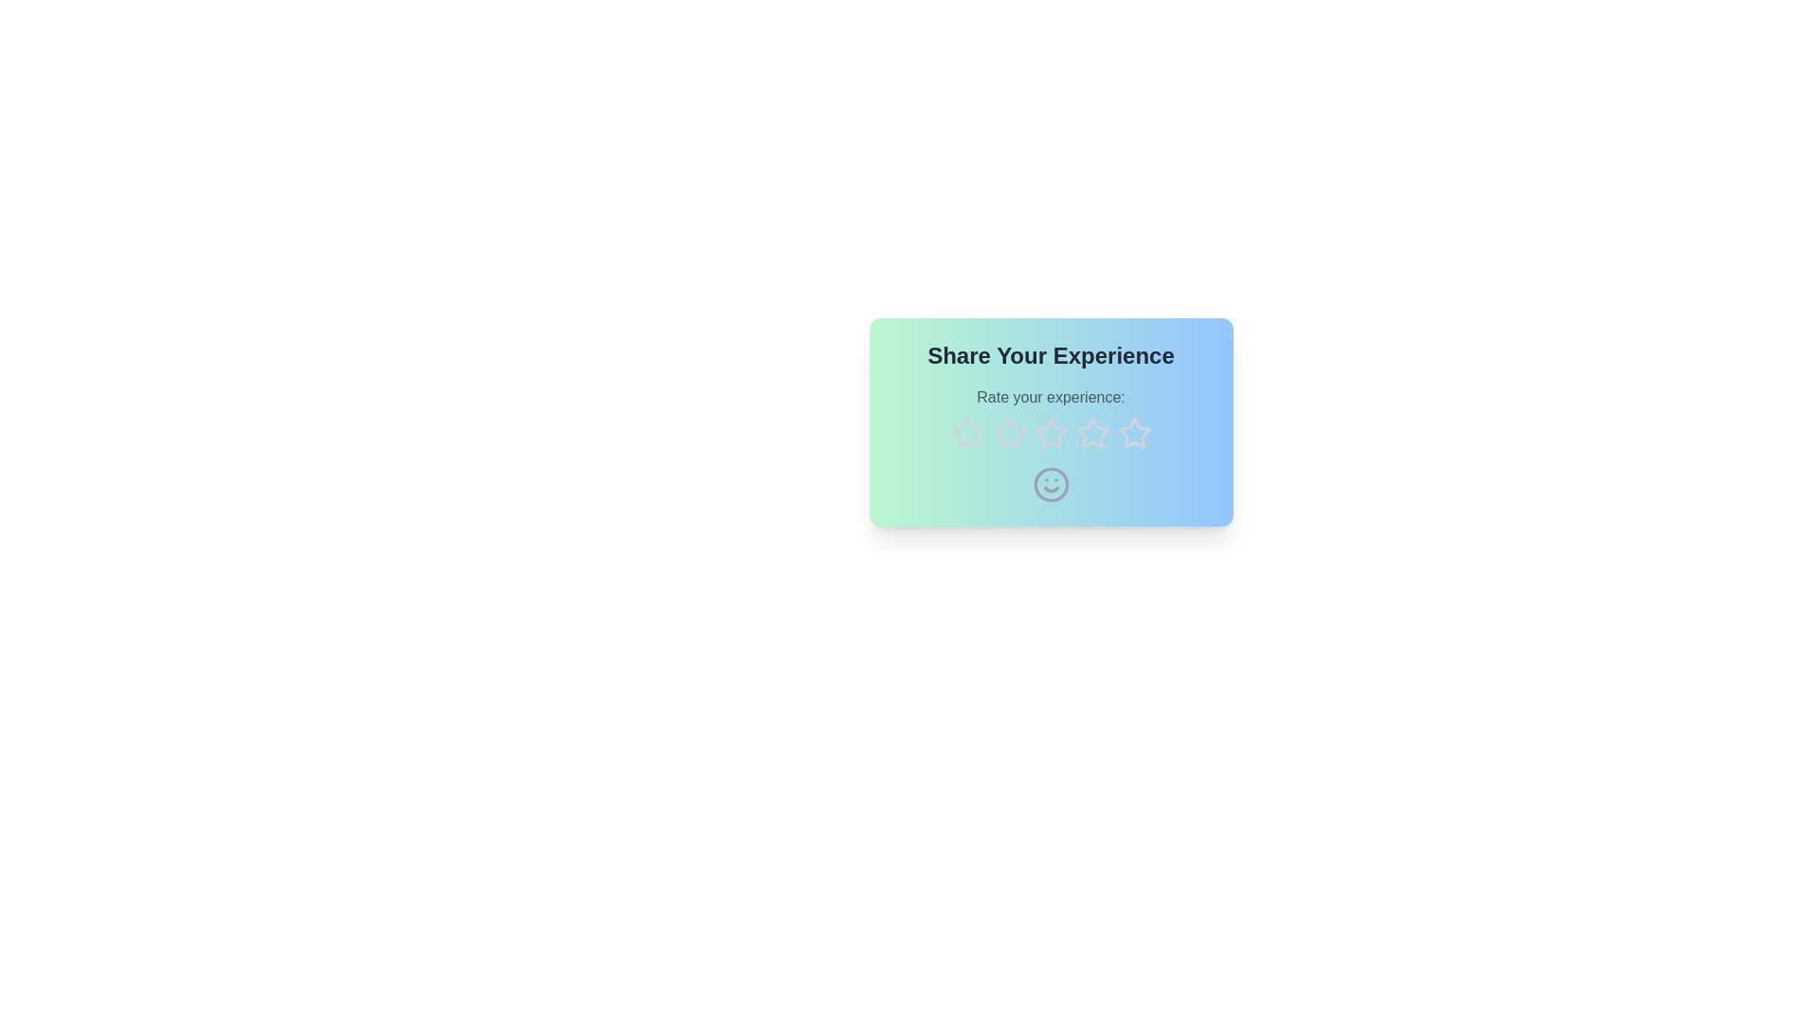  I want to click on the text 'Share Your Experience' located at its center, so click(1050, 355).